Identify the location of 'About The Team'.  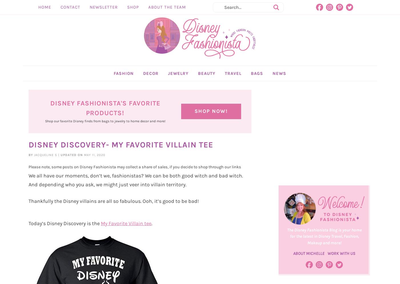
(148, 7).